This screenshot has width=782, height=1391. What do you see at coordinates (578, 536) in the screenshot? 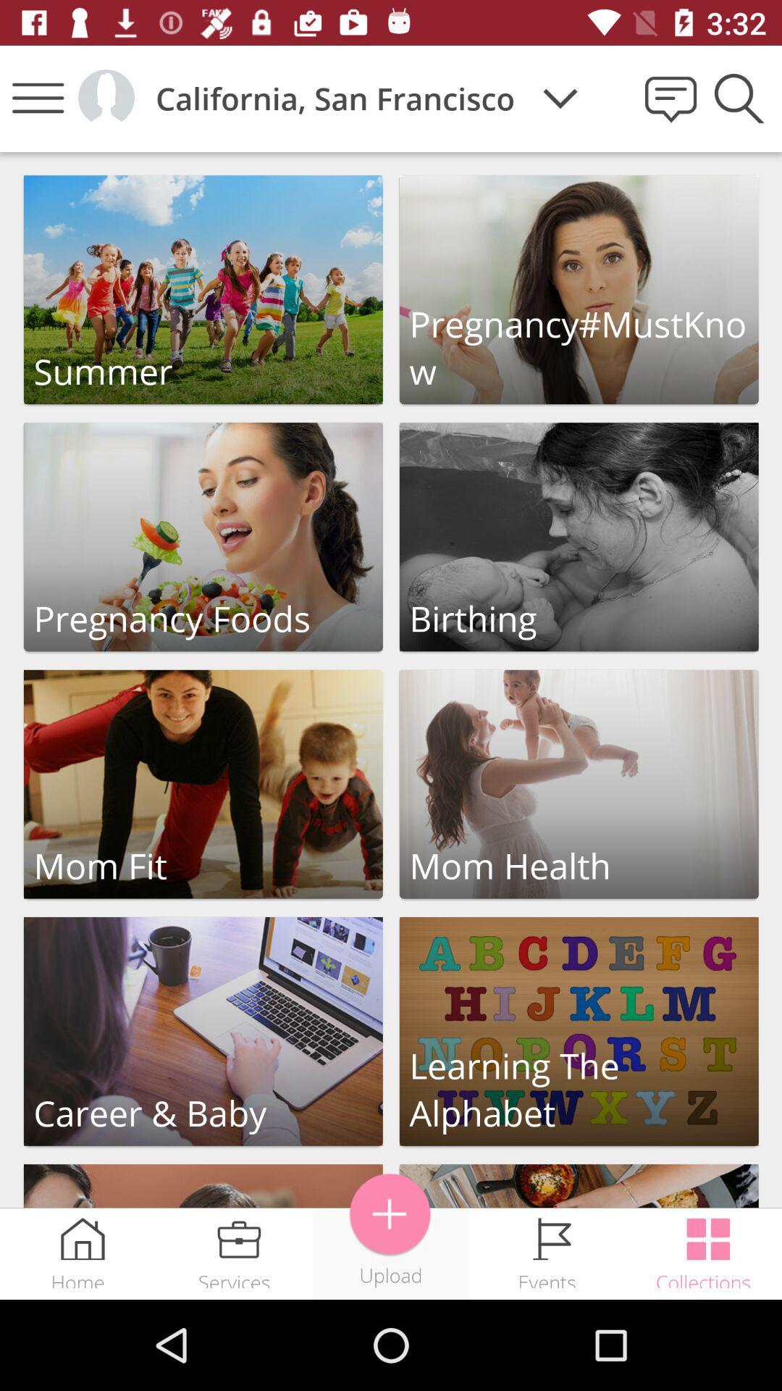
I see `tap to launch app` at bounding box center [578, 536].